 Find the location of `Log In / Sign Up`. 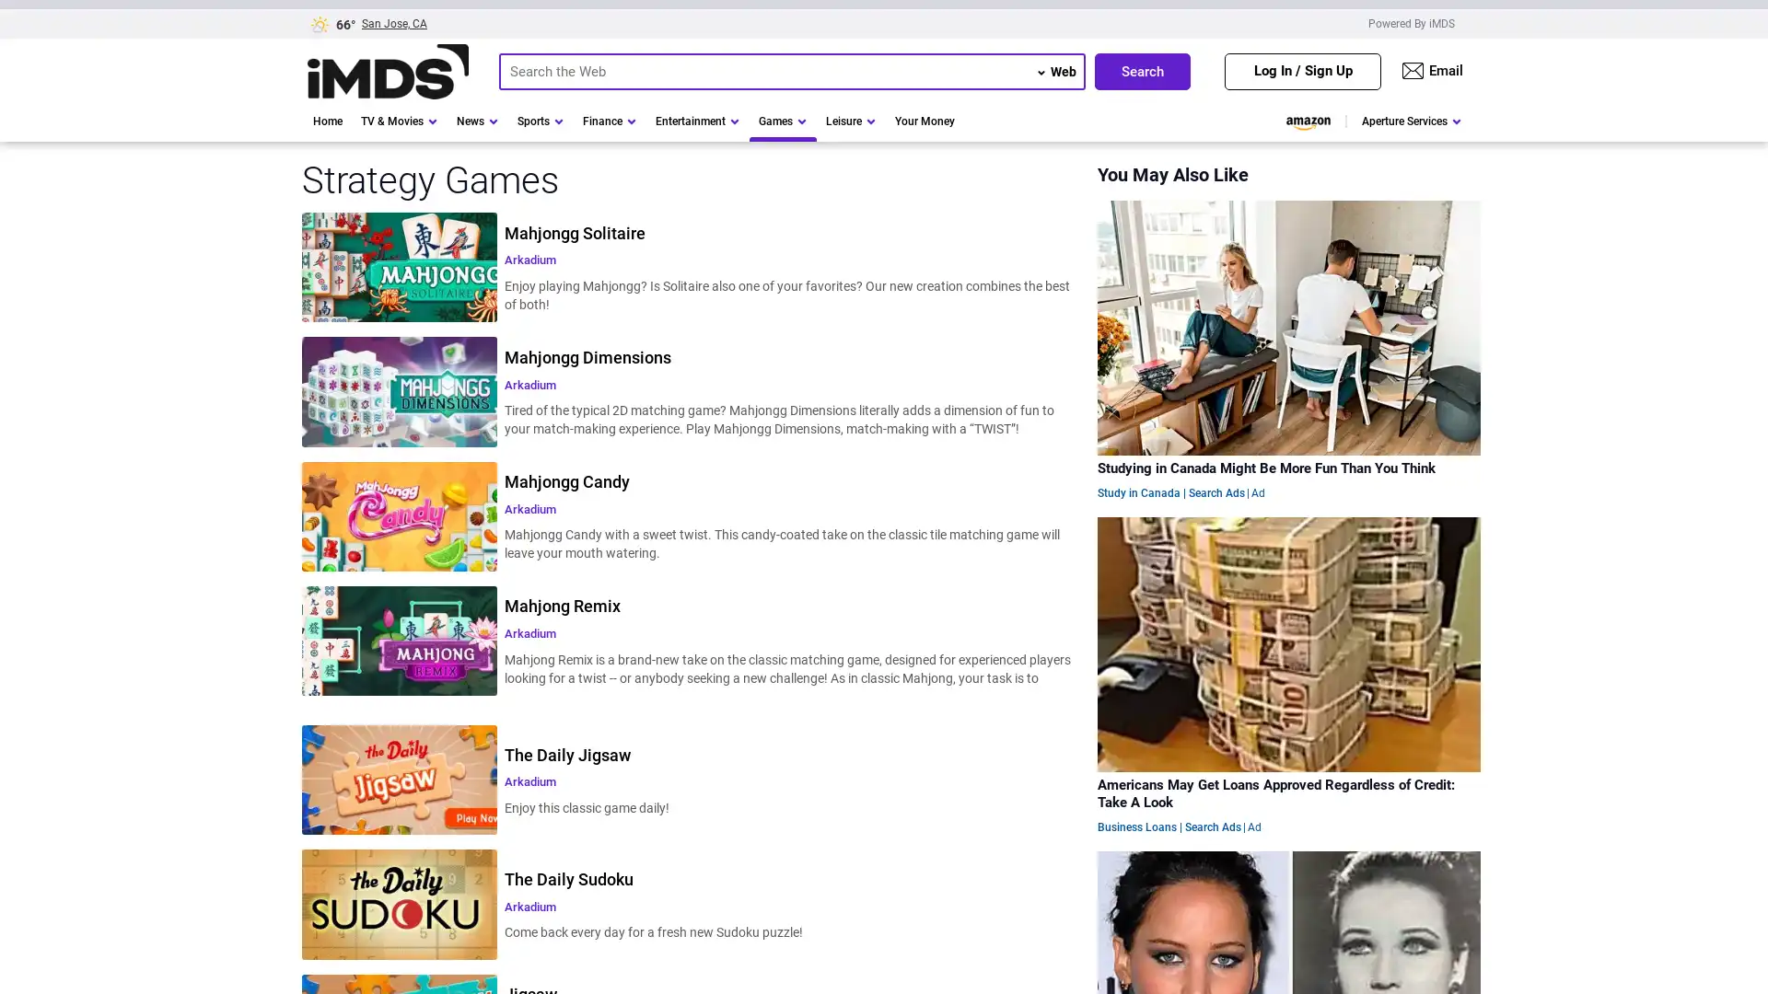

Log In / Sign Up is located at coordinates (1302, 70).